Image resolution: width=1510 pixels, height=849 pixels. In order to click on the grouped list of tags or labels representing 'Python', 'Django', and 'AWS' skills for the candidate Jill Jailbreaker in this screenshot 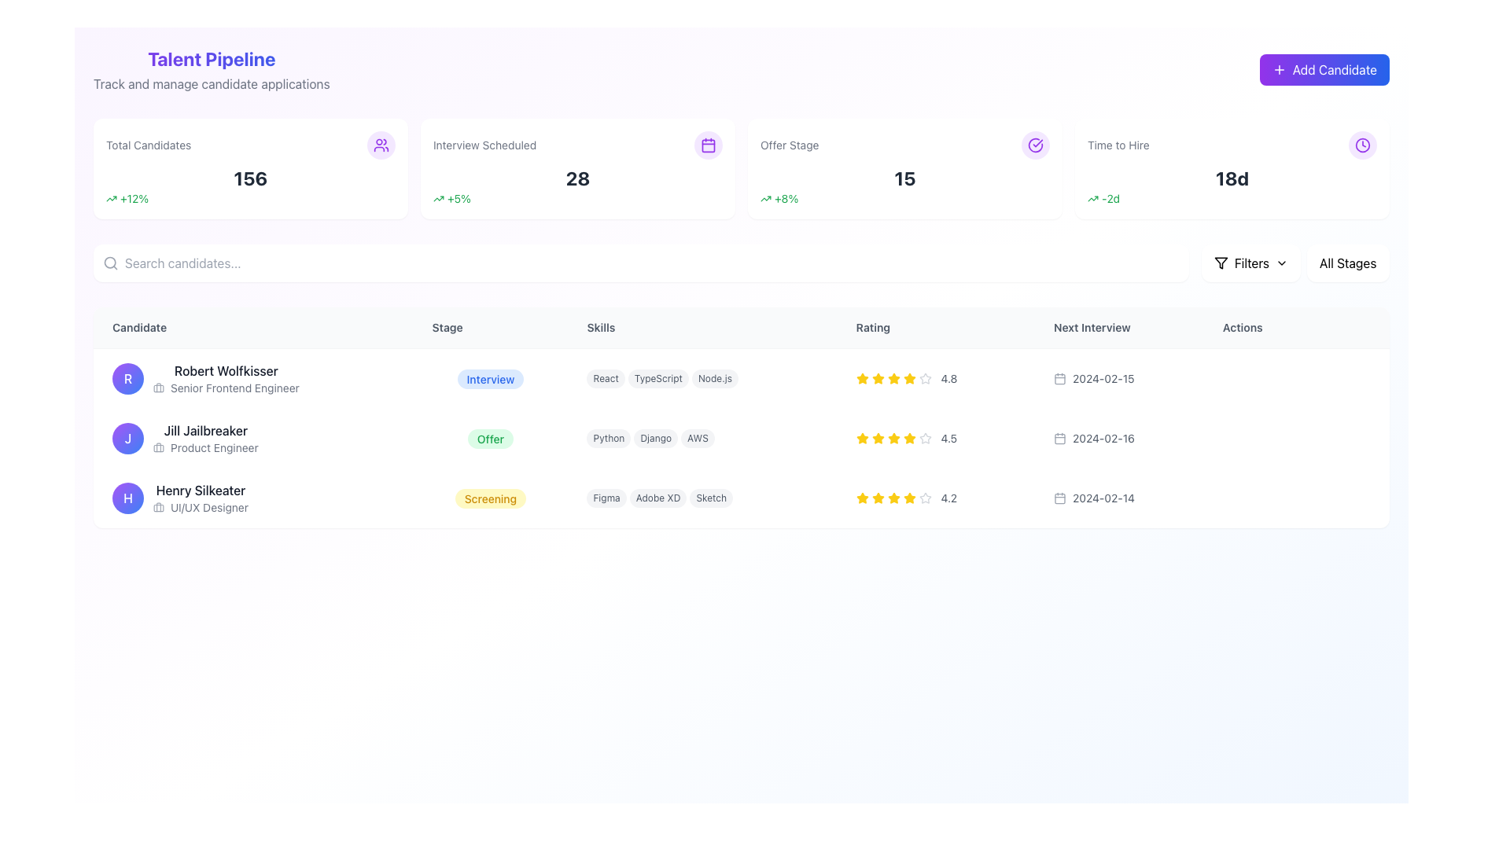, I will do `click(702, 439)`.